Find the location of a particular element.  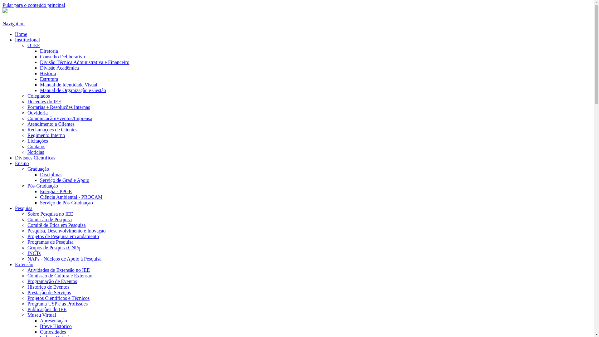

'Estrutura' is located at coordinates (49, 79).